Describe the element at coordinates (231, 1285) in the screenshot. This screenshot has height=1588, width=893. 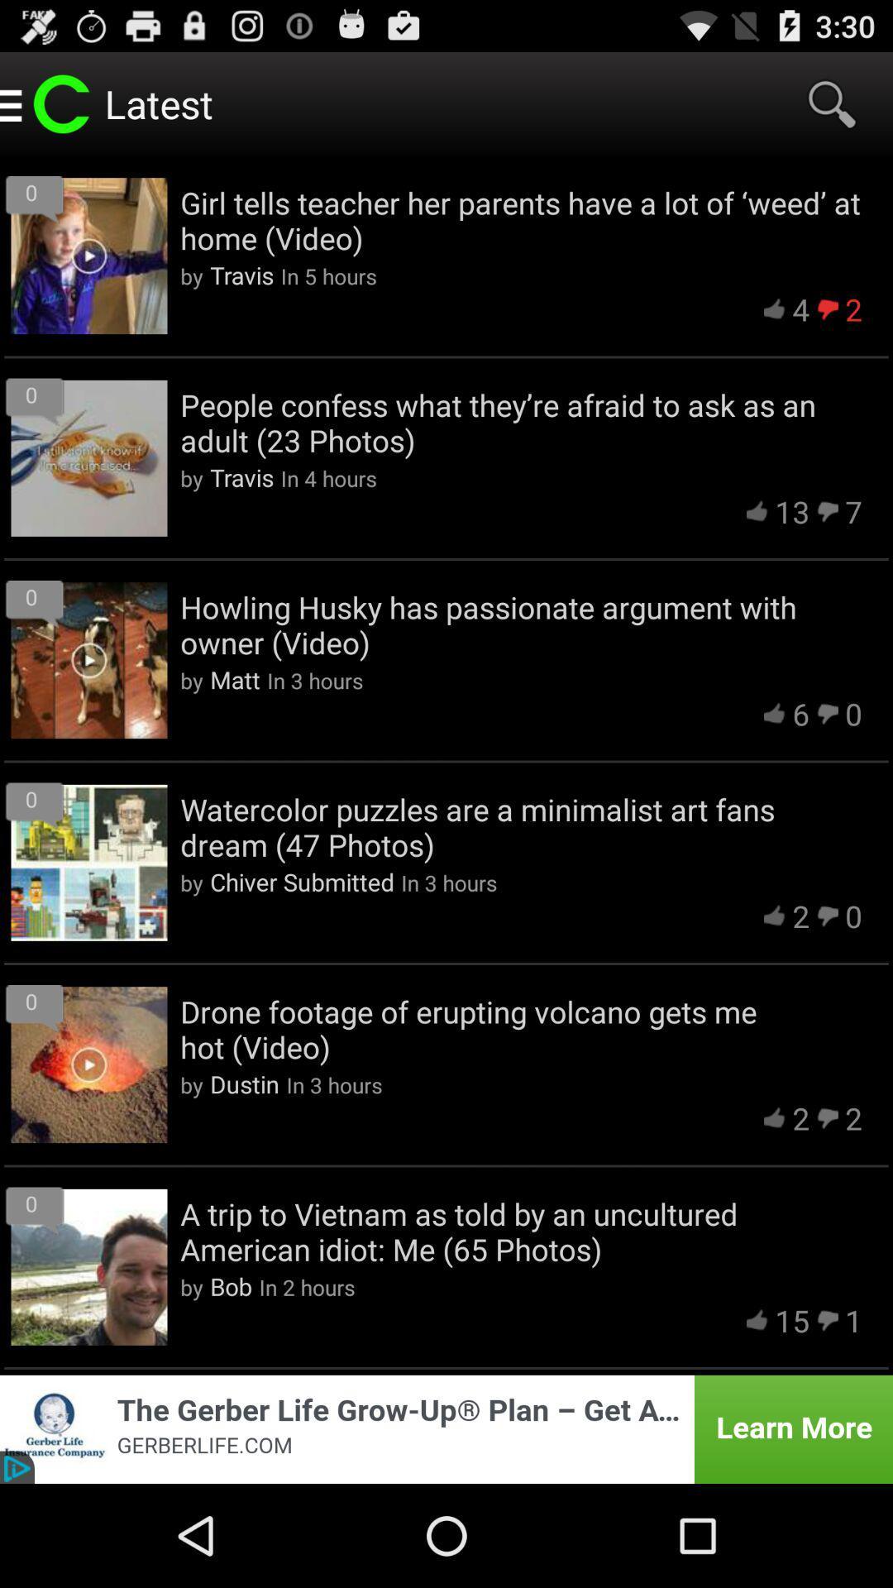
I see `bob icon` at that location.